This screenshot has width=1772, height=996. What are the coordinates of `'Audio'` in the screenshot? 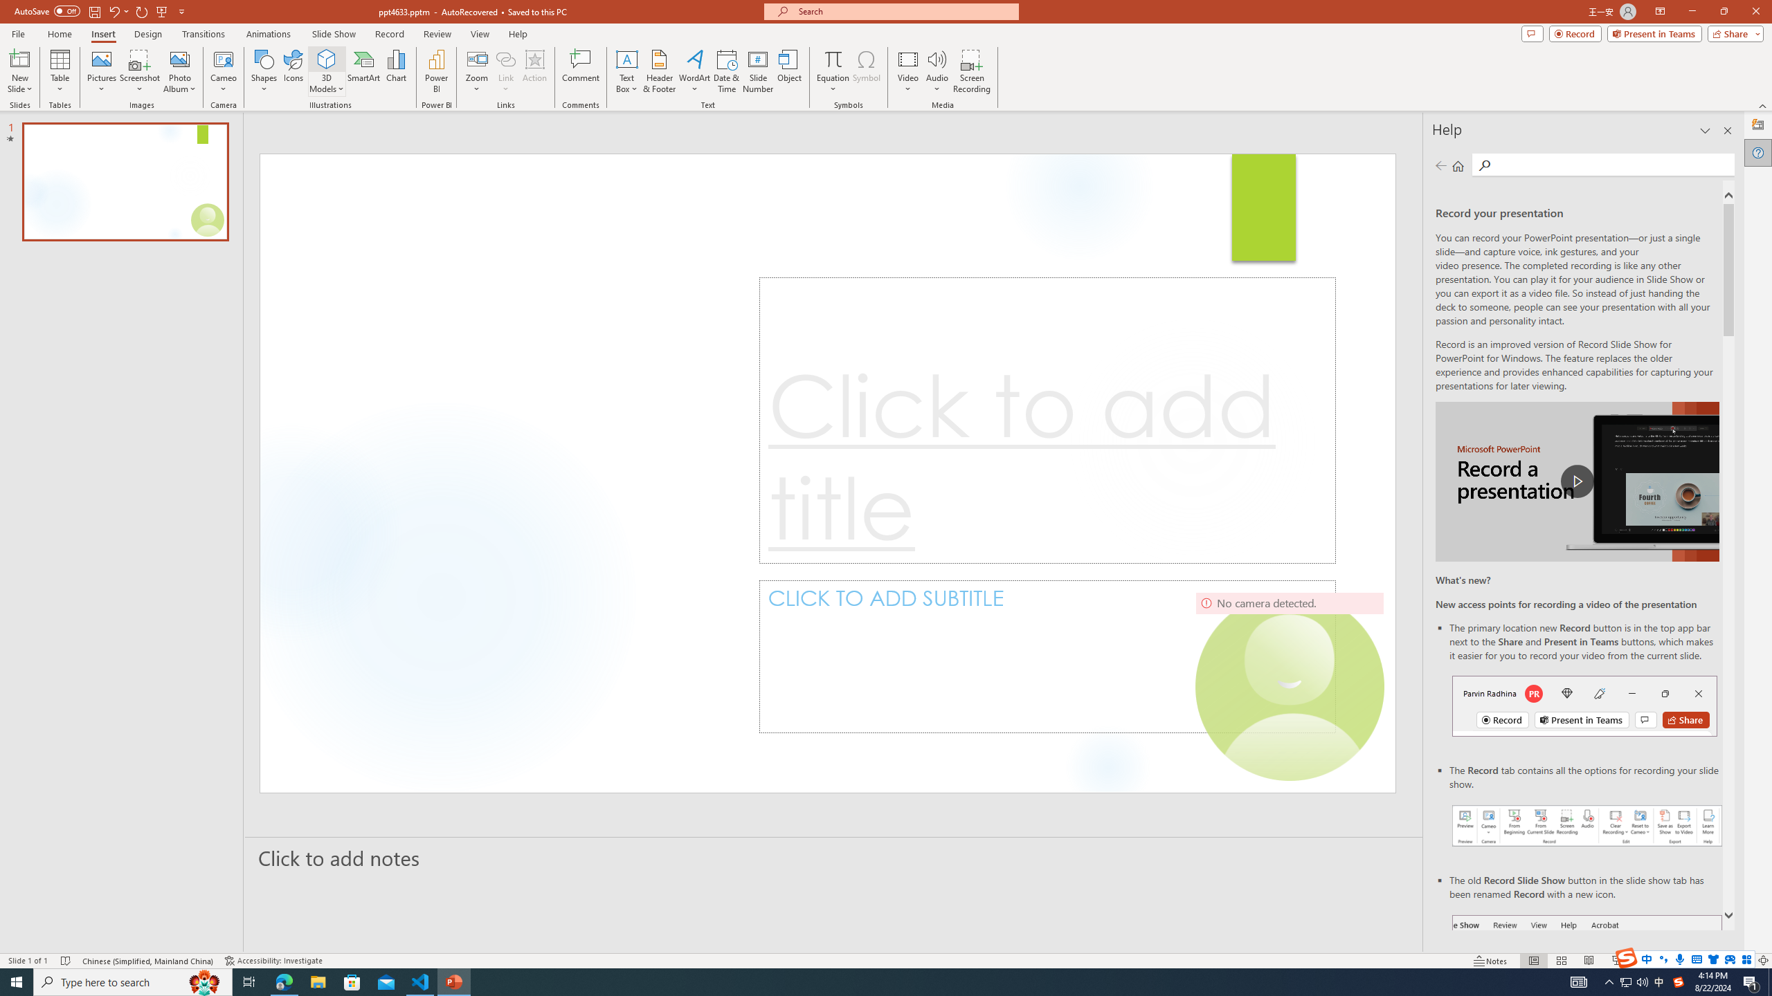 It's located at (937, 71).